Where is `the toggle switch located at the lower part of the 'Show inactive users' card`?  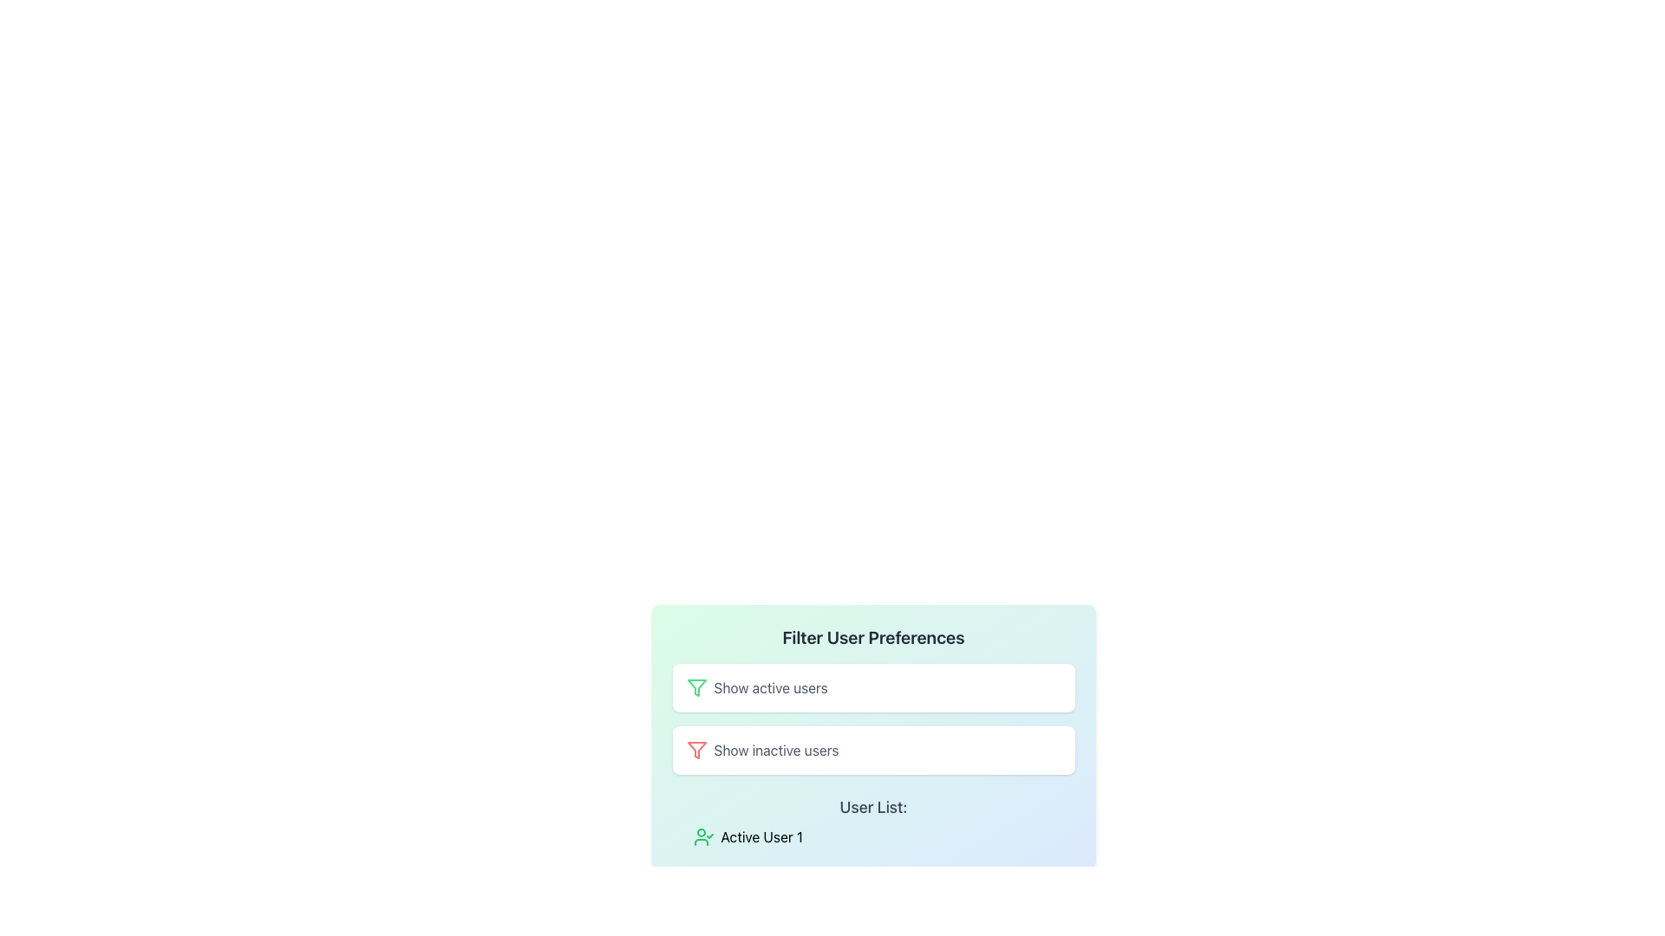
the toggle switch located at the lower part of the 'Show inactive users' card is located at coordinates (1042, 750).